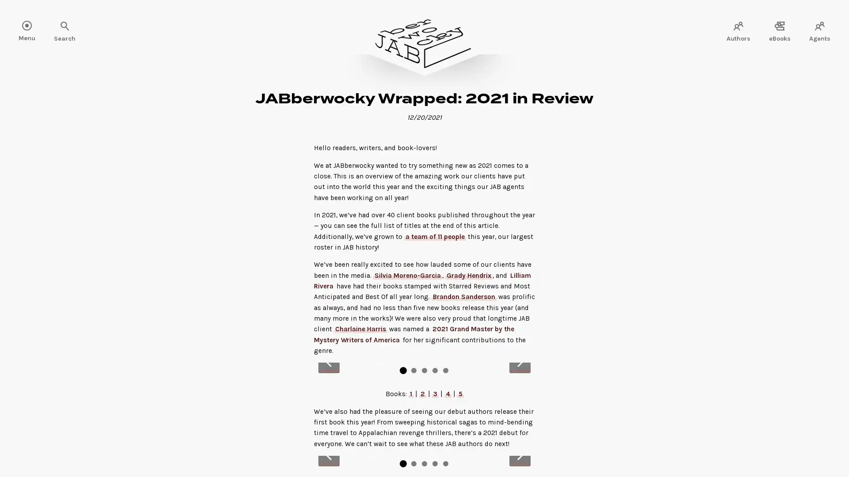 The height and width of the screenshot is (477, 849). I want to click on Go to slide 5, so click(446, 371).